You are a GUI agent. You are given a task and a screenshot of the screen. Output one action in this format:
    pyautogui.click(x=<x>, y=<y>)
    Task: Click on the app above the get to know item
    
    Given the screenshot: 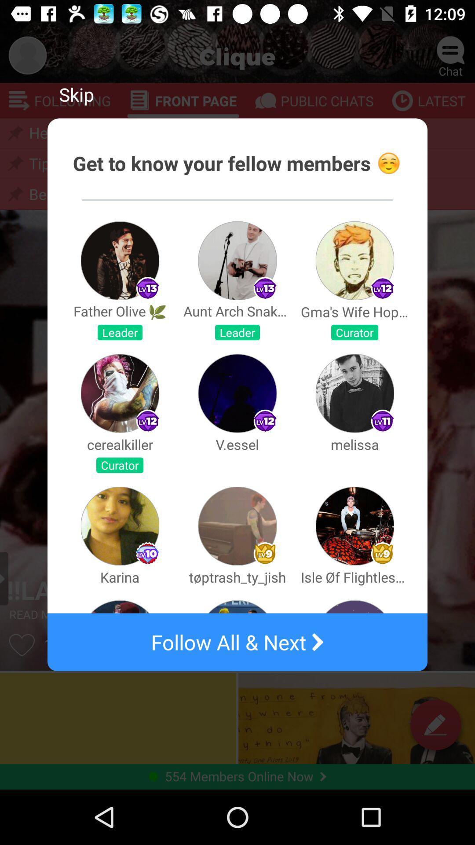 What is the action you would take?
    pyautogui.click(x=76, y=94)
    